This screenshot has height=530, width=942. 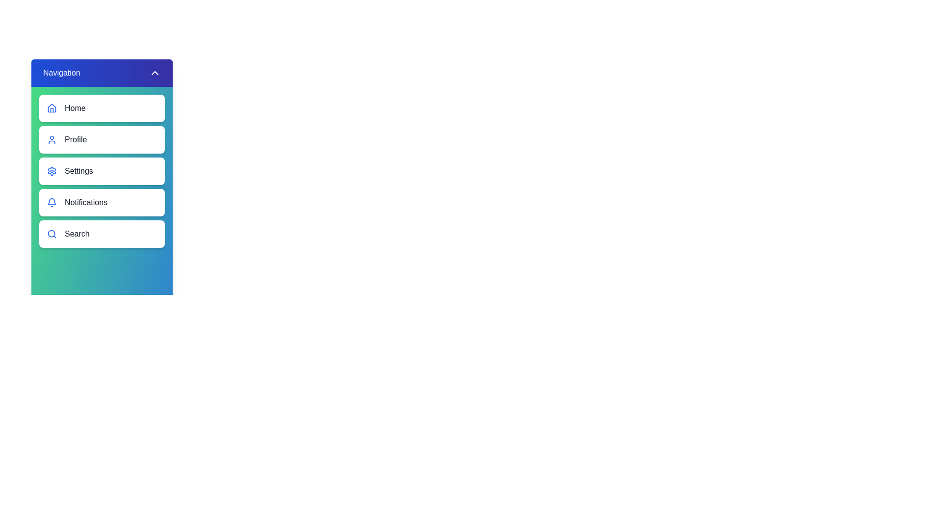 What do you see at coordinates (102, 170) in the screenshot?
I see `the 'Settings' button in the sidebar navigation menu to trigger the hover effect` at bounding box center [102, 170].